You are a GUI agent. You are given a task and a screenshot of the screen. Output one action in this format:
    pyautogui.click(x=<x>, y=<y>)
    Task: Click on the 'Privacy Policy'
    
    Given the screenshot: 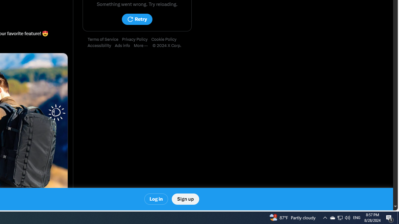 What is the action you would take?
    pyautogui.click(x=136, y=40)
    